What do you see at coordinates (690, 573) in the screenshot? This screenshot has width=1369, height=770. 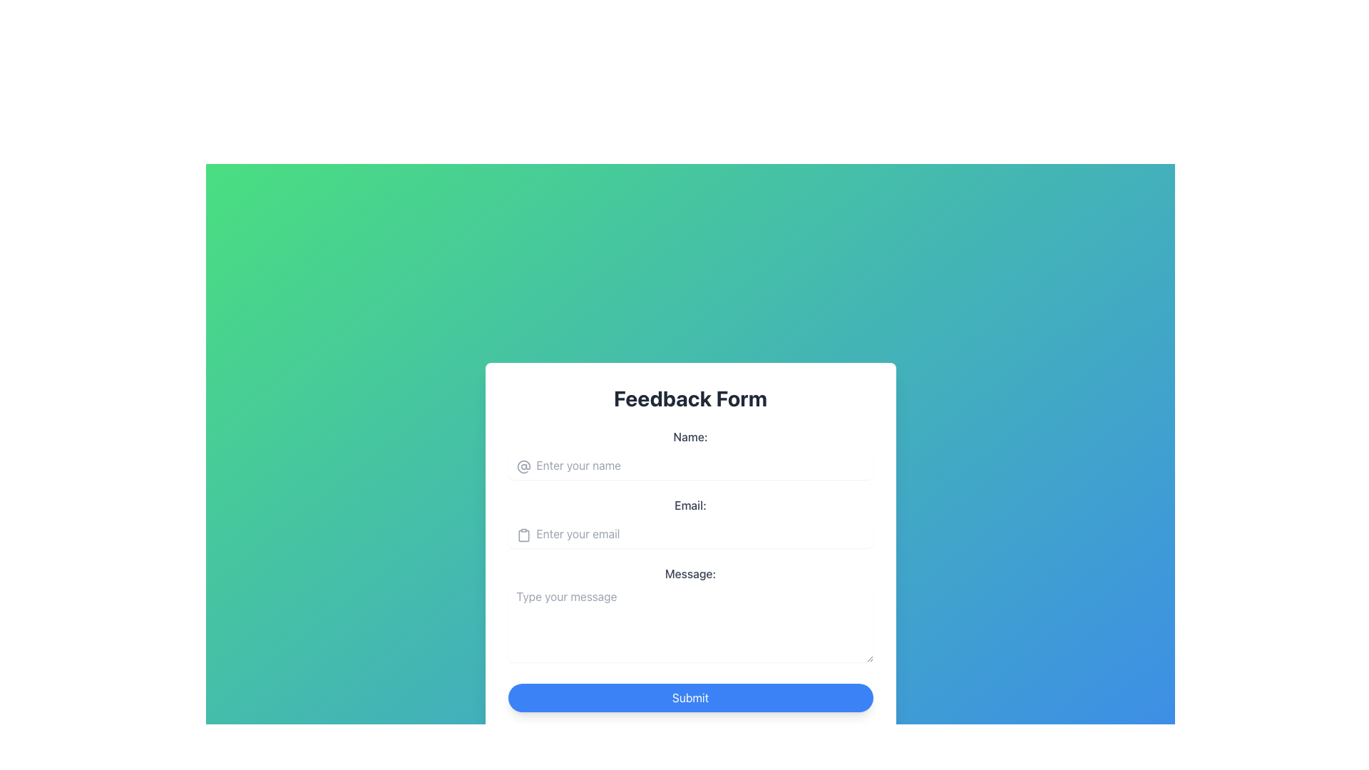 I see `the text label reading 'Message:' which is styled with a gray font and is positioned above the 'Type your message' input field in the form interface` at bounding box center [690, 573].